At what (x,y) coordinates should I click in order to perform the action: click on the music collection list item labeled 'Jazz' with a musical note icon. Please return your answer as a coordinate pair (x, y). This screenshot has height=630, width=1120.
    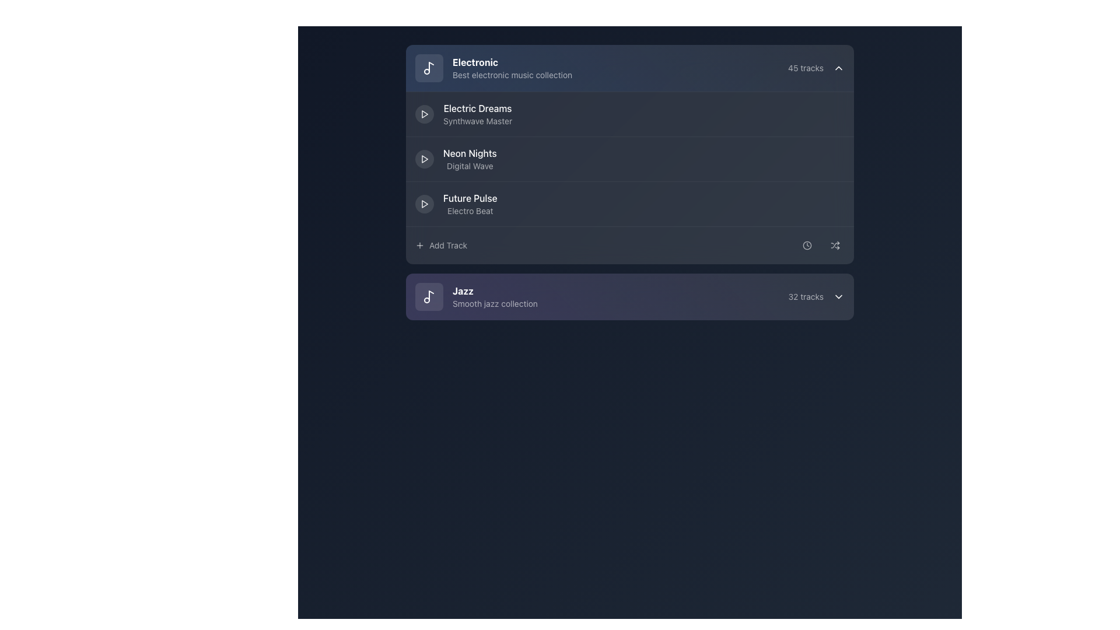
    Looking at the image, I should click on (476, 296).